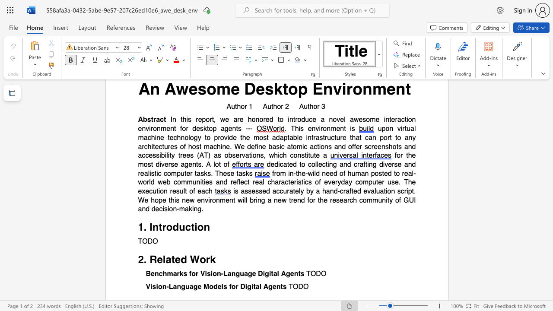  What do you see at coordinates (302, 146) in the screenshot?
I see `the subset text "ic actions and offer screenshots and accessibility trees (AT) as observati" within the text "upon virtual machine technology to provide the most adaptable infrastructure that can port to any architectures of host machine. We define basic atomic actions and offer screenshots and accessibility trees (AT) as observations, which"` at bounding box center [302, 146].